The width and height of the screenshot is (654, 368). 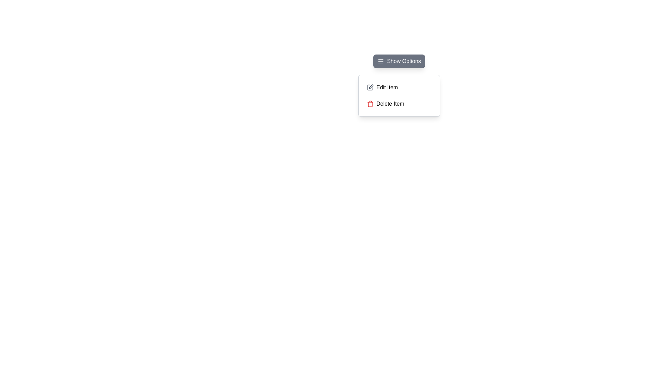 What do you see at coordinates (370, 104) in the screenshot?
I see `the trash can icon, which is red and located to the left of the 'Delete Item' text in the dropdown menu` at bounding box center [370, 104].